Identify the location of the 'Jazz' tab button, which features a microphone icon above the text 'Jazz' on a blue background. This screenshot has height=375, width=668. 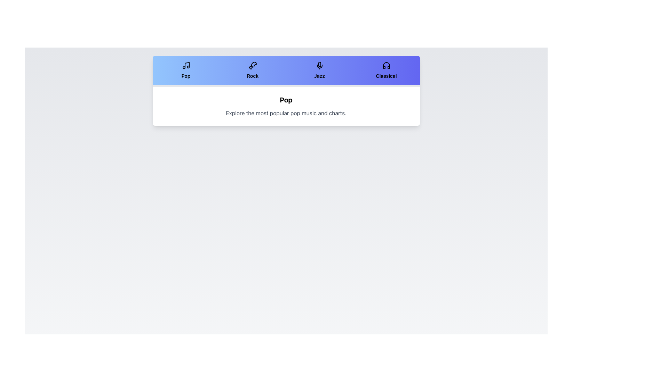
(319, 70).